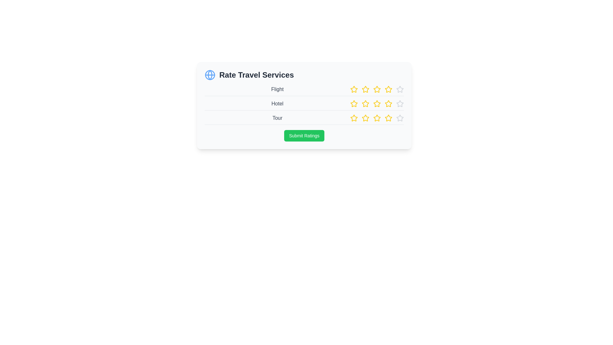  I want to click on the third star icon with a yellow border and white fill in the 'Hotel' rating section, so click(366, 103).